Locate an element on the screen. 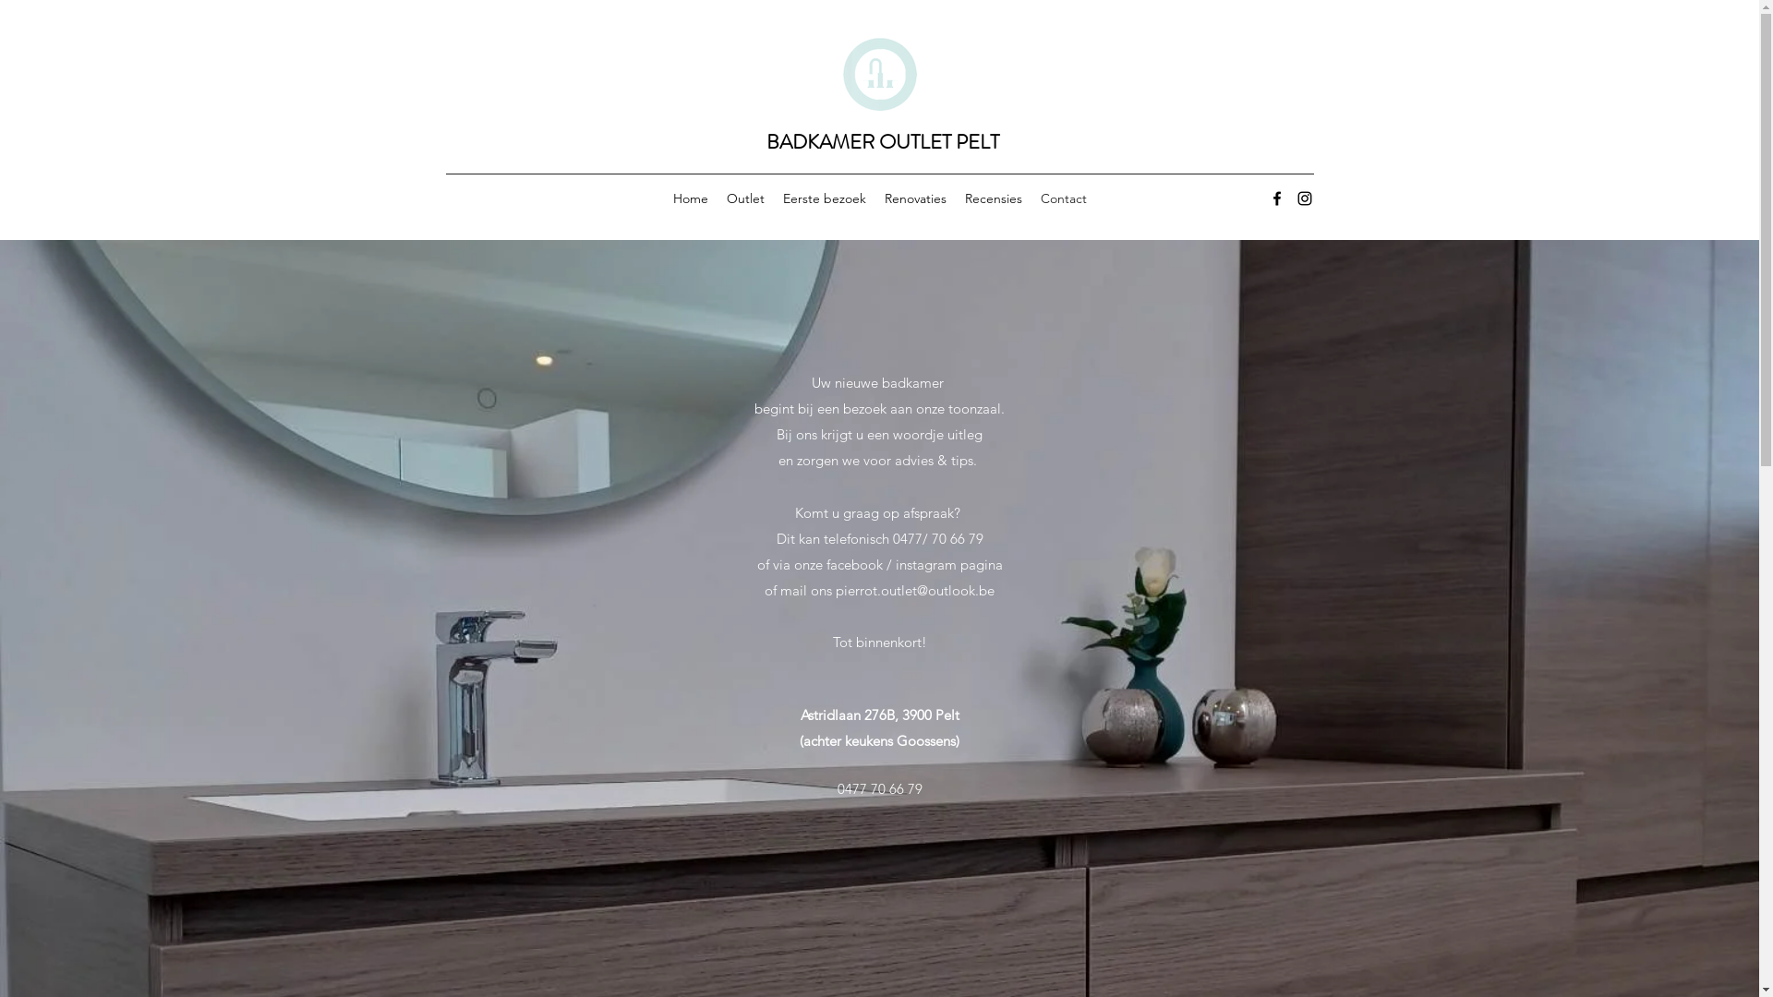 This screenshot has width=1773, height=997. 'Eerste bezoek' is located at coordinates (774, 198).